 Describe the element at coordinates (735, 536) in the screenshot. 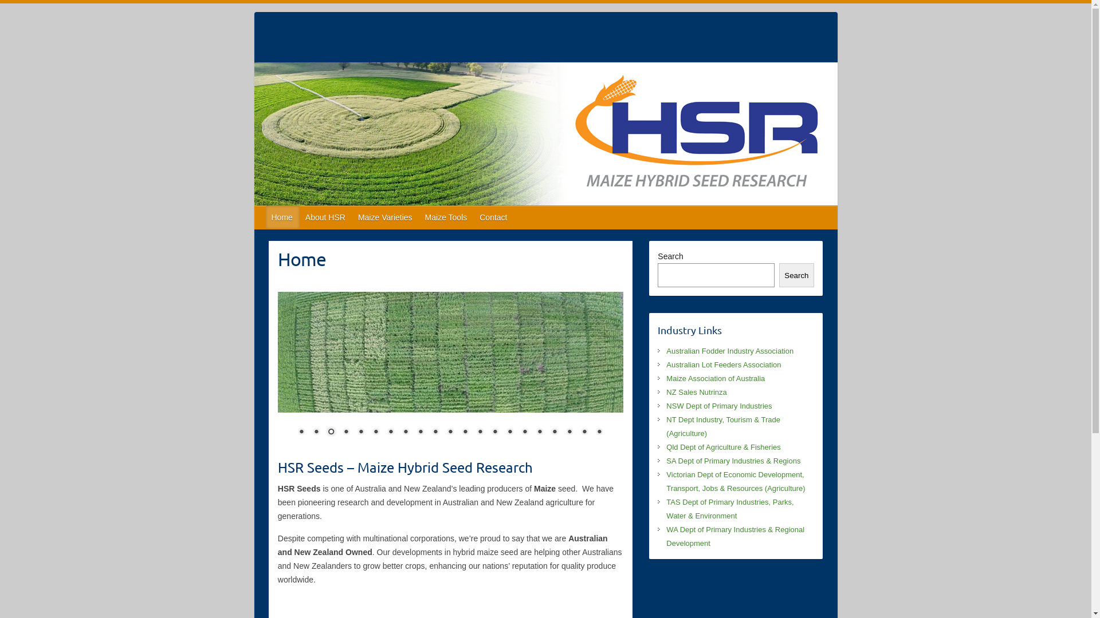

I see `'WA Dept of Primary Industries & Regional Development'` at that location.